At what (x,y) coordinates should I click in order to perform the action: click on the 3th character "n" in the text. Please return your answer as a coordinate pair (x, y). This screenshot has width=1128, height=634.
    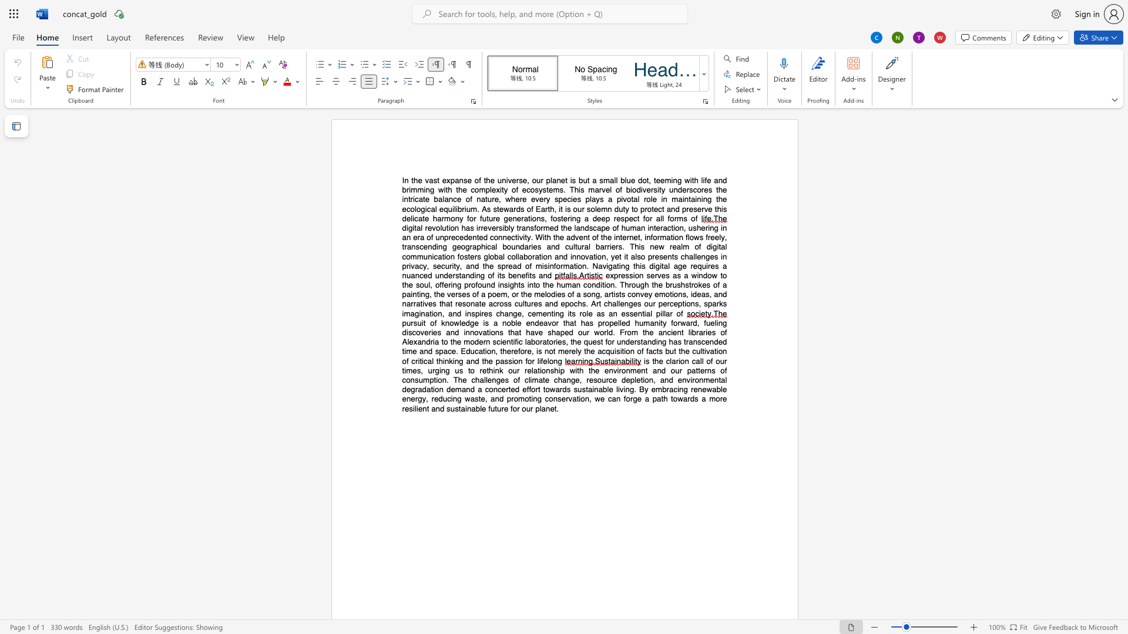
    Looking at the image, I should click on (705, 198).